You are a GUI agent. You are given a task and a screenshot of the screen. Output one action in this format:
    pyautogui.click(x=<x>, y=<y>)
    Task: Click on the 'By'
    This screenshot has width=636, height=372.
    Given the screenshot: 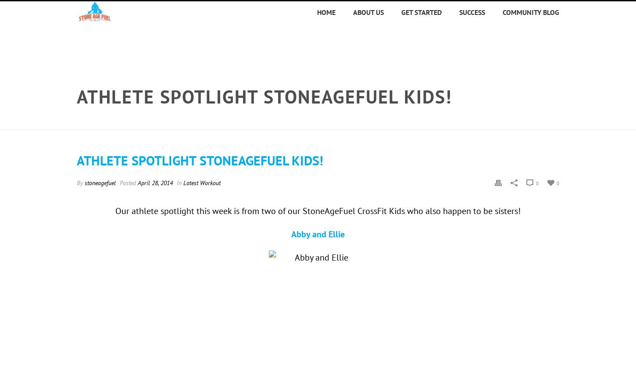 What is the action you would take?
    pyautogui.click(x=80, y=182)
    